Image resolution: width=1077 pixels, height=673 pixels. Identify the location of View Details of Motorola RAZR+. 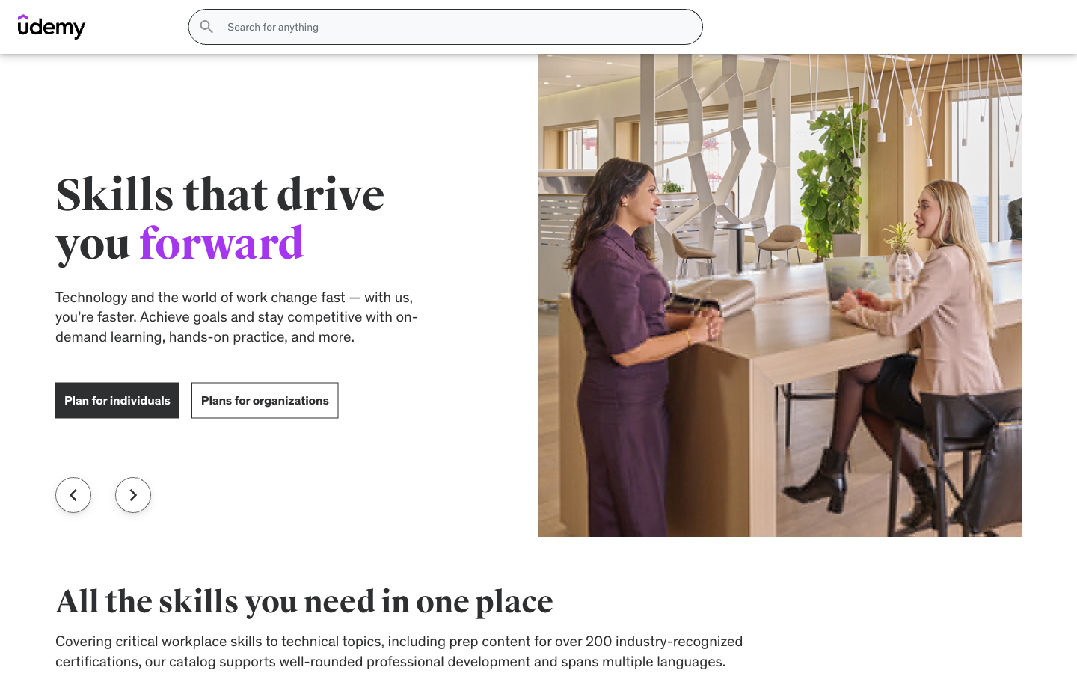
(852, 624).